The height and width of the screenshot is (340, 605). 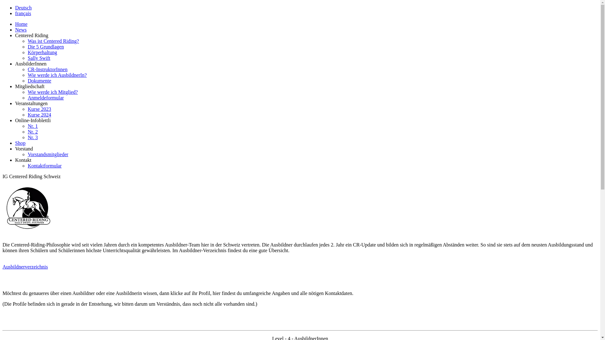 I want to click on 'Deutsch', so click(x=23, y=8).